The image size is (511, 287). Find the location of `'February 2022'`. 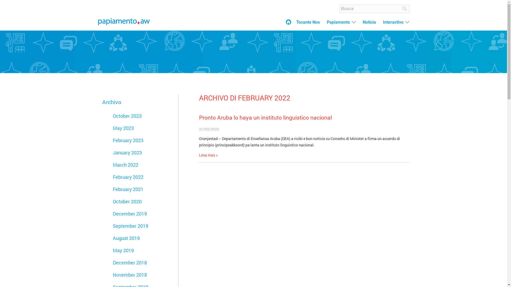

'February 2022' is located at coordinates (128, 177).